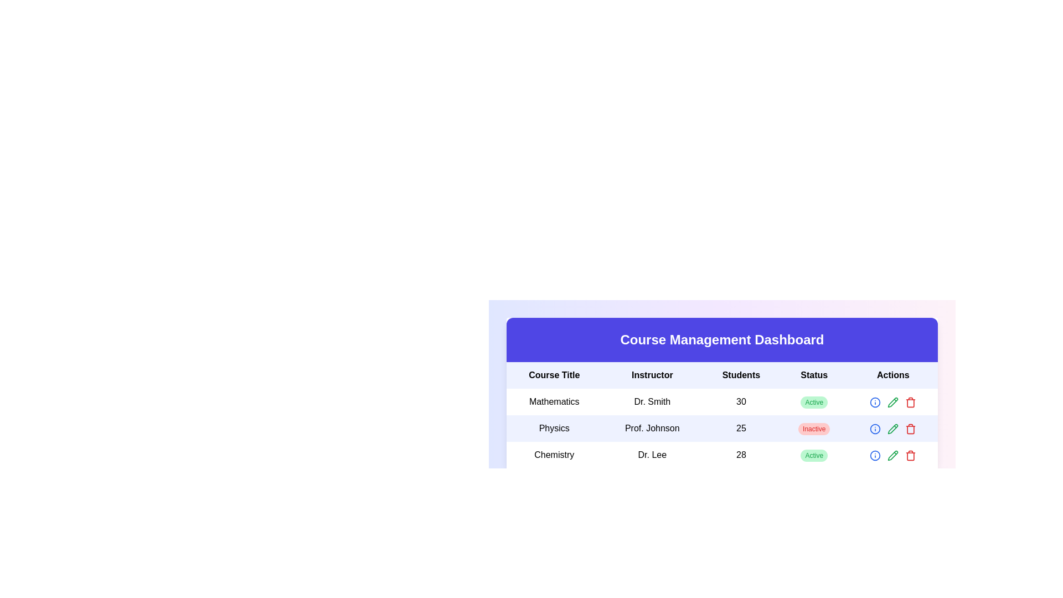 This screenshot has width=1063, height=598. I want to click on the red trash can icon button located in the 'Actions' column of the 'Chemistry' row, so click(911, 455).